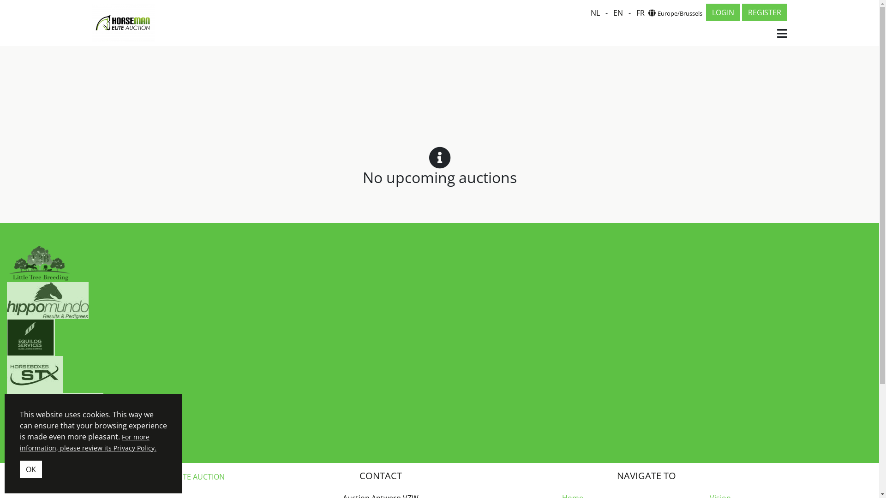 The image size is (886, 498). What do you see at coordinates (31, 469) in the screenshot?
I see `'OK'` at bounding box center [31, 469].